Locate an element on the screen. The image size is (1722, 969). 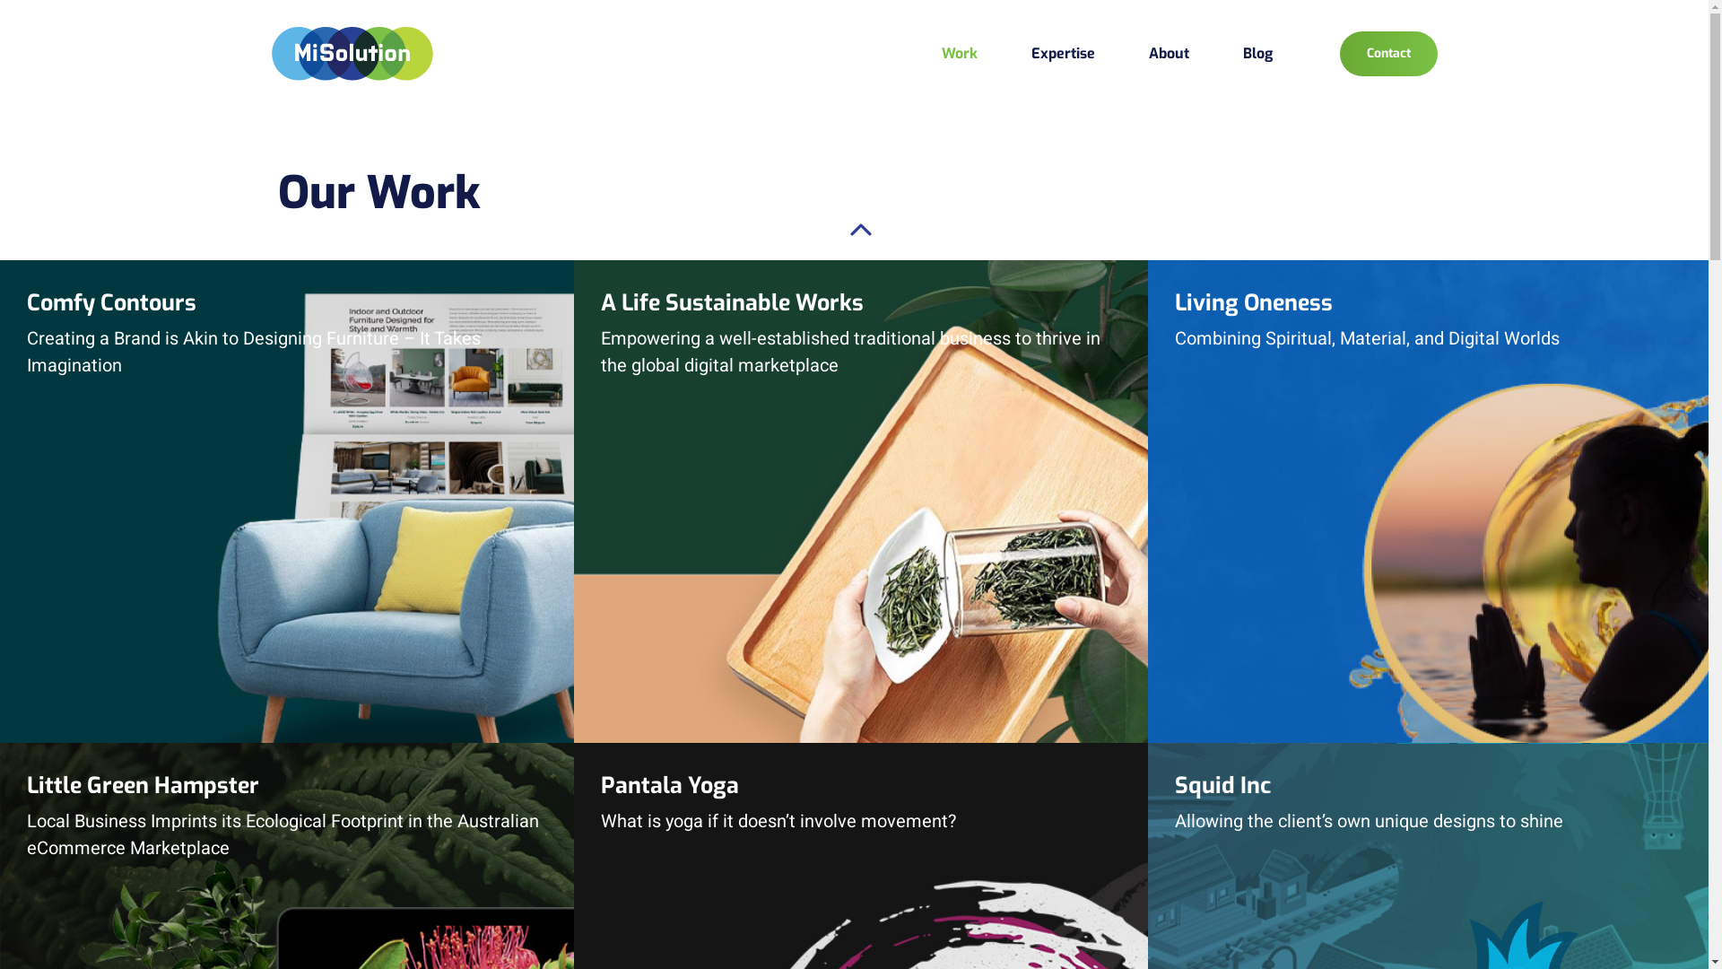
'Contact' is located at coordinates (1339, 53).